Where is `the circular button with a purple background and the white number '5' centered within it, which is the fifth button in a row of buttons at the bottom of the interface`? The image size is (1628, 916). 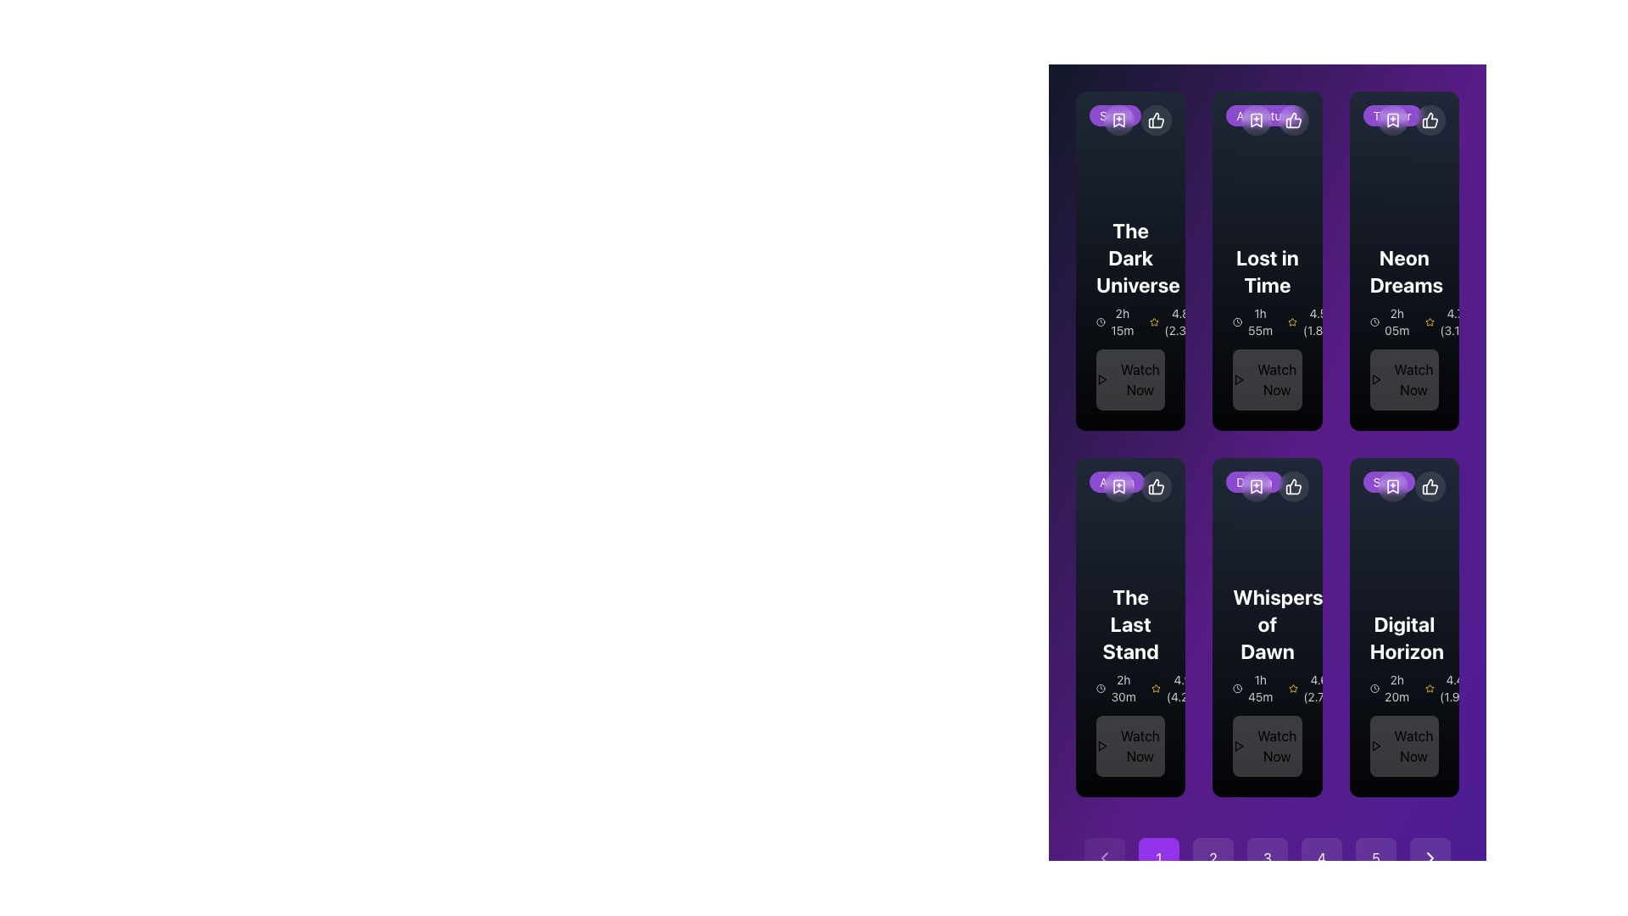 the circular button with a purple background and the white number '5' centered within it, which is the fifth button in a row of buttons at the bottom of the interface is located at coordinates (1375, 857).